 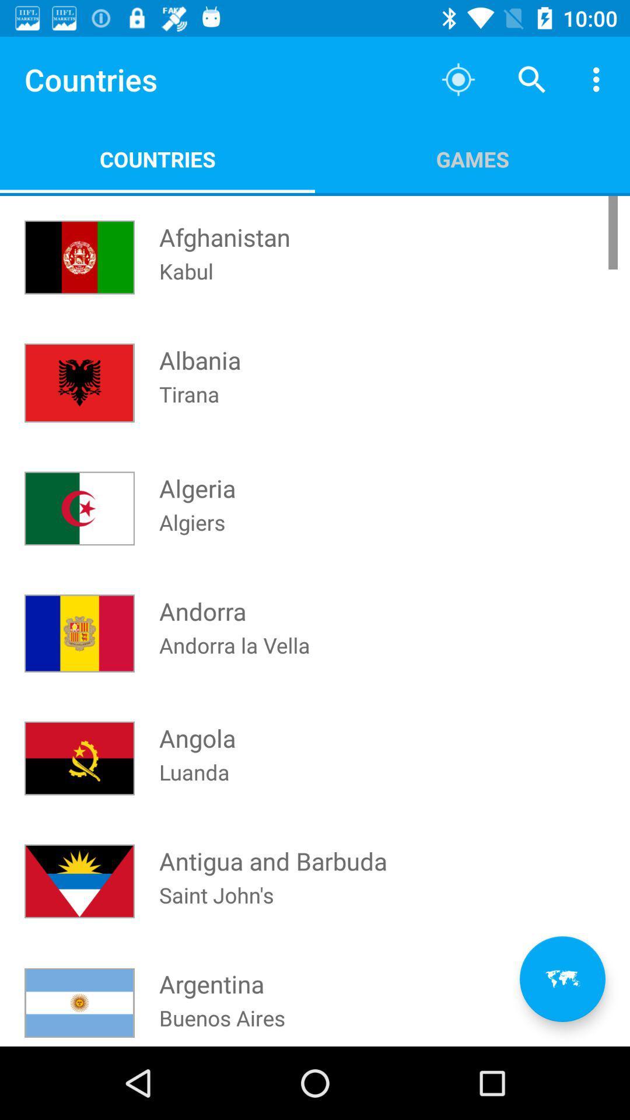 What do you see at coordinates (216, 909) in the screenshot?
I see `the item above argentina item` at bounding box center [216, 909].